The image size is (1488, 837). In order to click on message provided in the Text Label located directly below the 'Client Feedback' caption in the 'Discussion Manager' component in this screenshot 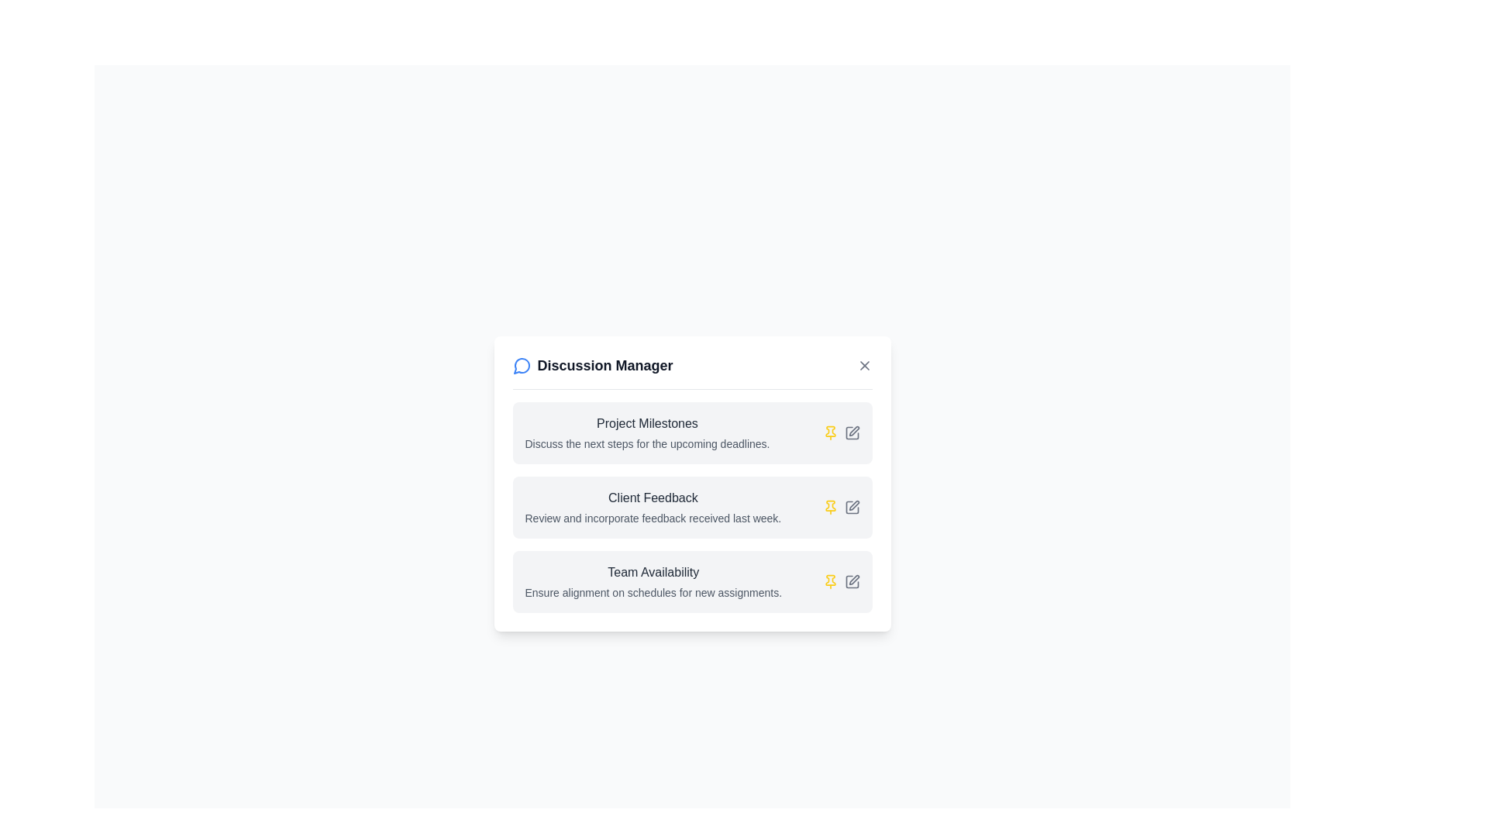, I will do `click(653, 518)`.